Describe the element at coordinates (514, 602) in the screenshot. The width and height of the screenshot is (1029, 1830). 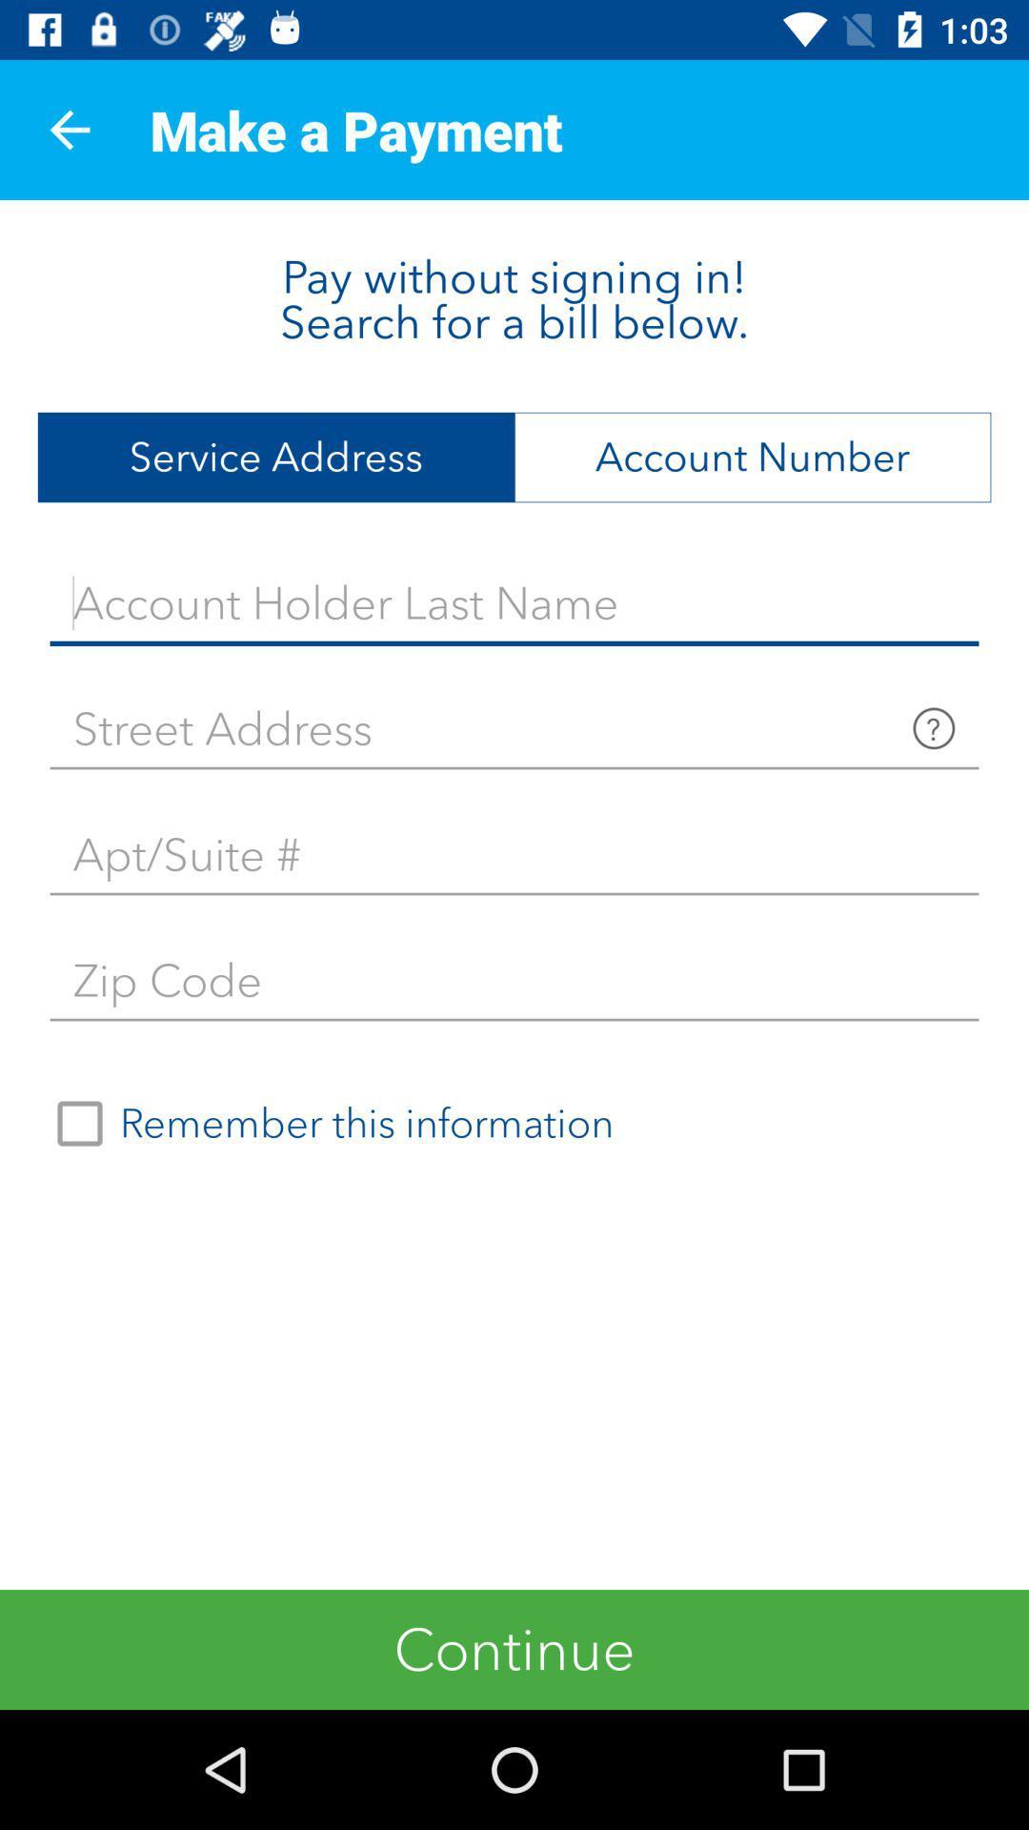
I see `the icon below the service address item` at that location.